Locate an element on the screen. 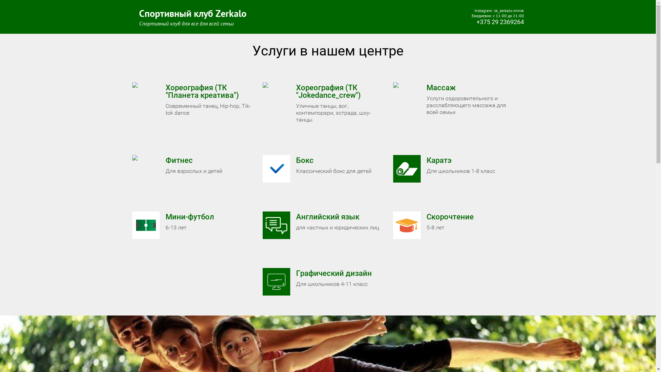  '+375 29 2369264' is located at coordinates (500, 21).